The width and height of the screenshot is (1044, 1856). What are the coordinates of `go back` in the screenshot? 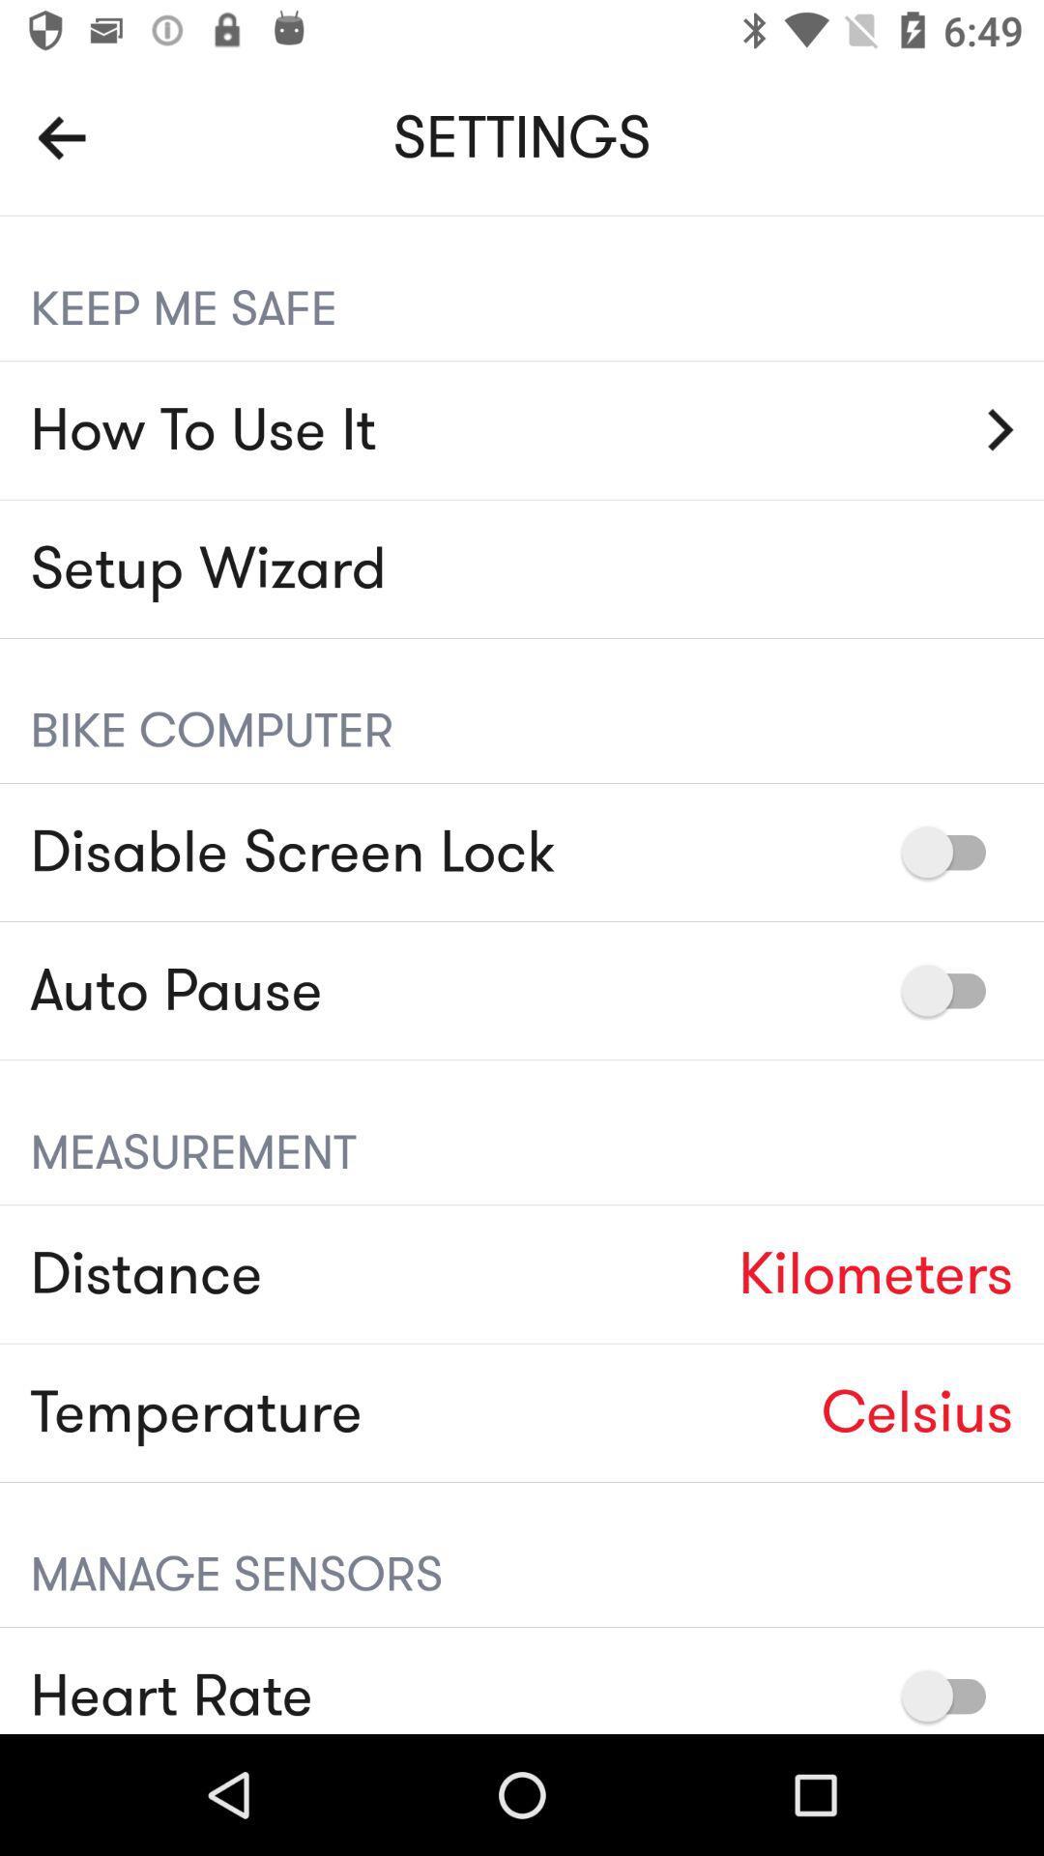 It's located at (61, 136).